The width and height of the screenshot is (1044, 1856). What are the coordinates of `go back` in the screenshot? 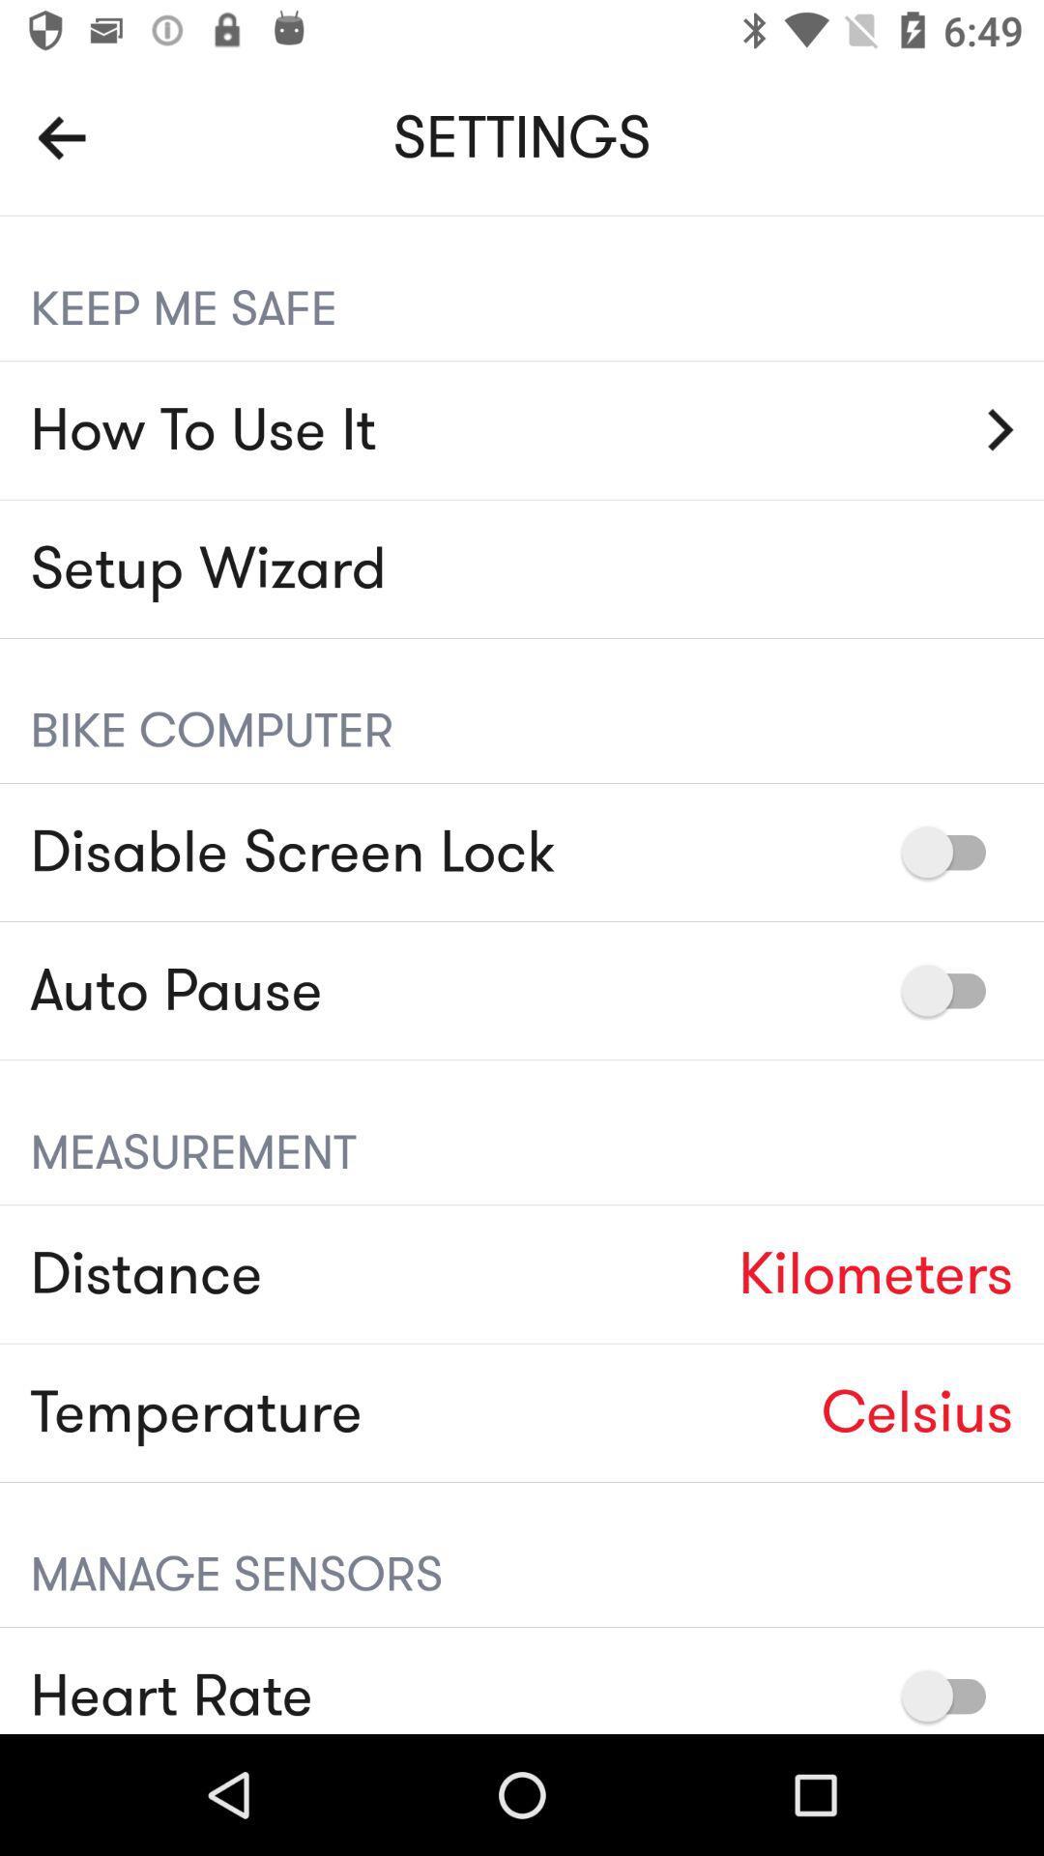 It's located at (61, 136).